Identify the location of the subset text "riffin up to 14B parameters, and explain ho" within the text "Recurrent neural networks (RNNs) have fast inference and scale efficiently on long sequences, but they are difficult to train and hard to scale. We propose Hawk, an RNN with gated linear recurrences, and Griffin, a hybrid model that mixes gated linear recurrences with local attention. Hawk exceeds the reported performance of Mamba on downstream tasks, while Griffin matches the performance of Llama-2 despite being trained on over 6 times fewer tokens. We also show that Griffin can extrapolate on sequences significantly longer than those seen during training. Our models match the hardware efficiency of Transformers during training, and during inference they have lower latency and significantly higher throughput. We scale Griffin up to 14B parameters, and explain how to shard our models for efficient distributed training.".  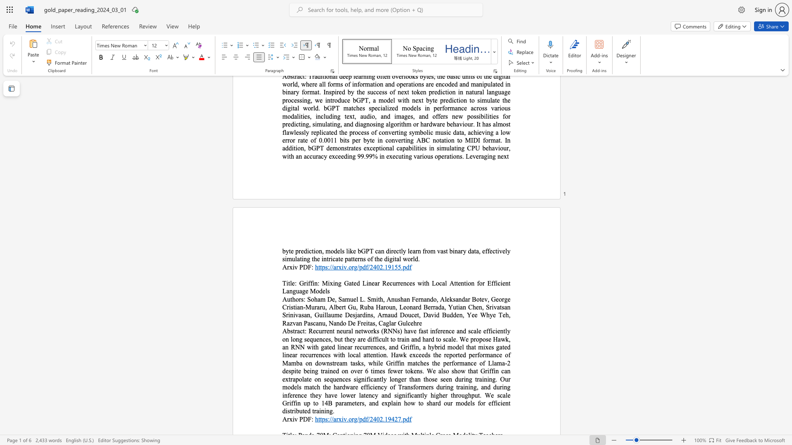
(287, 403).